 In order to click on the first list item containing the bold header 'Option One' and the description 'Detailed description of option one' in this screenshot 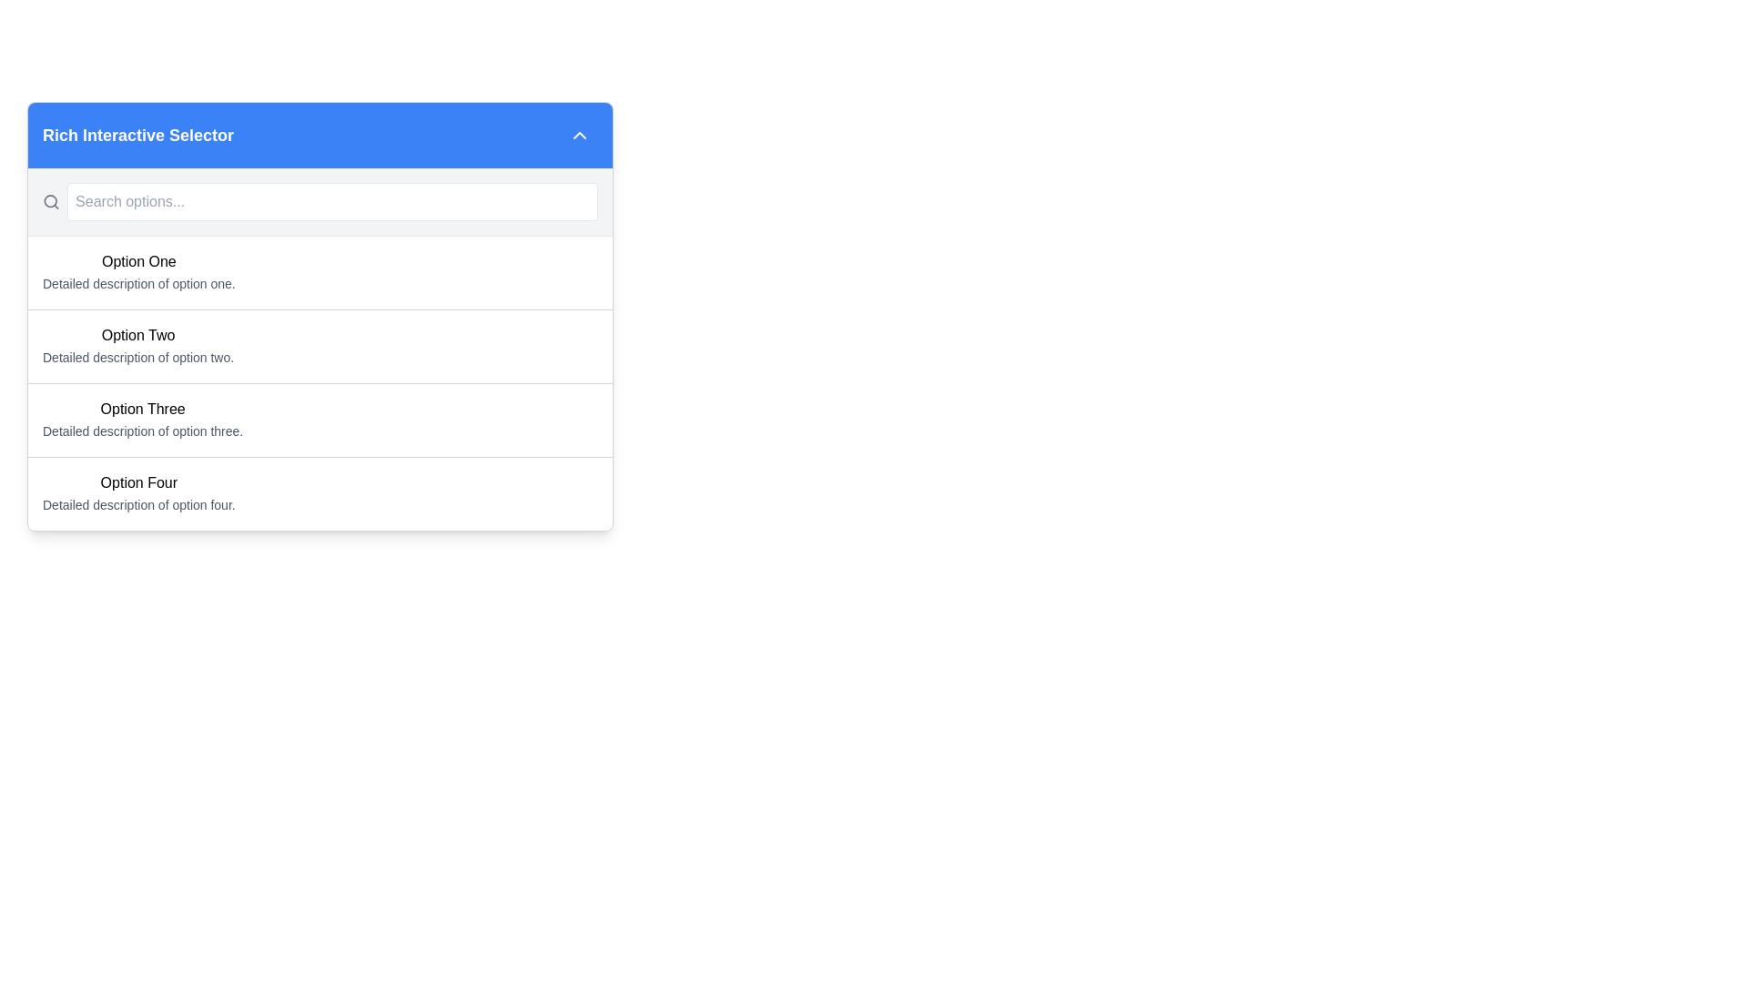, I will do `click(137, 273)`.